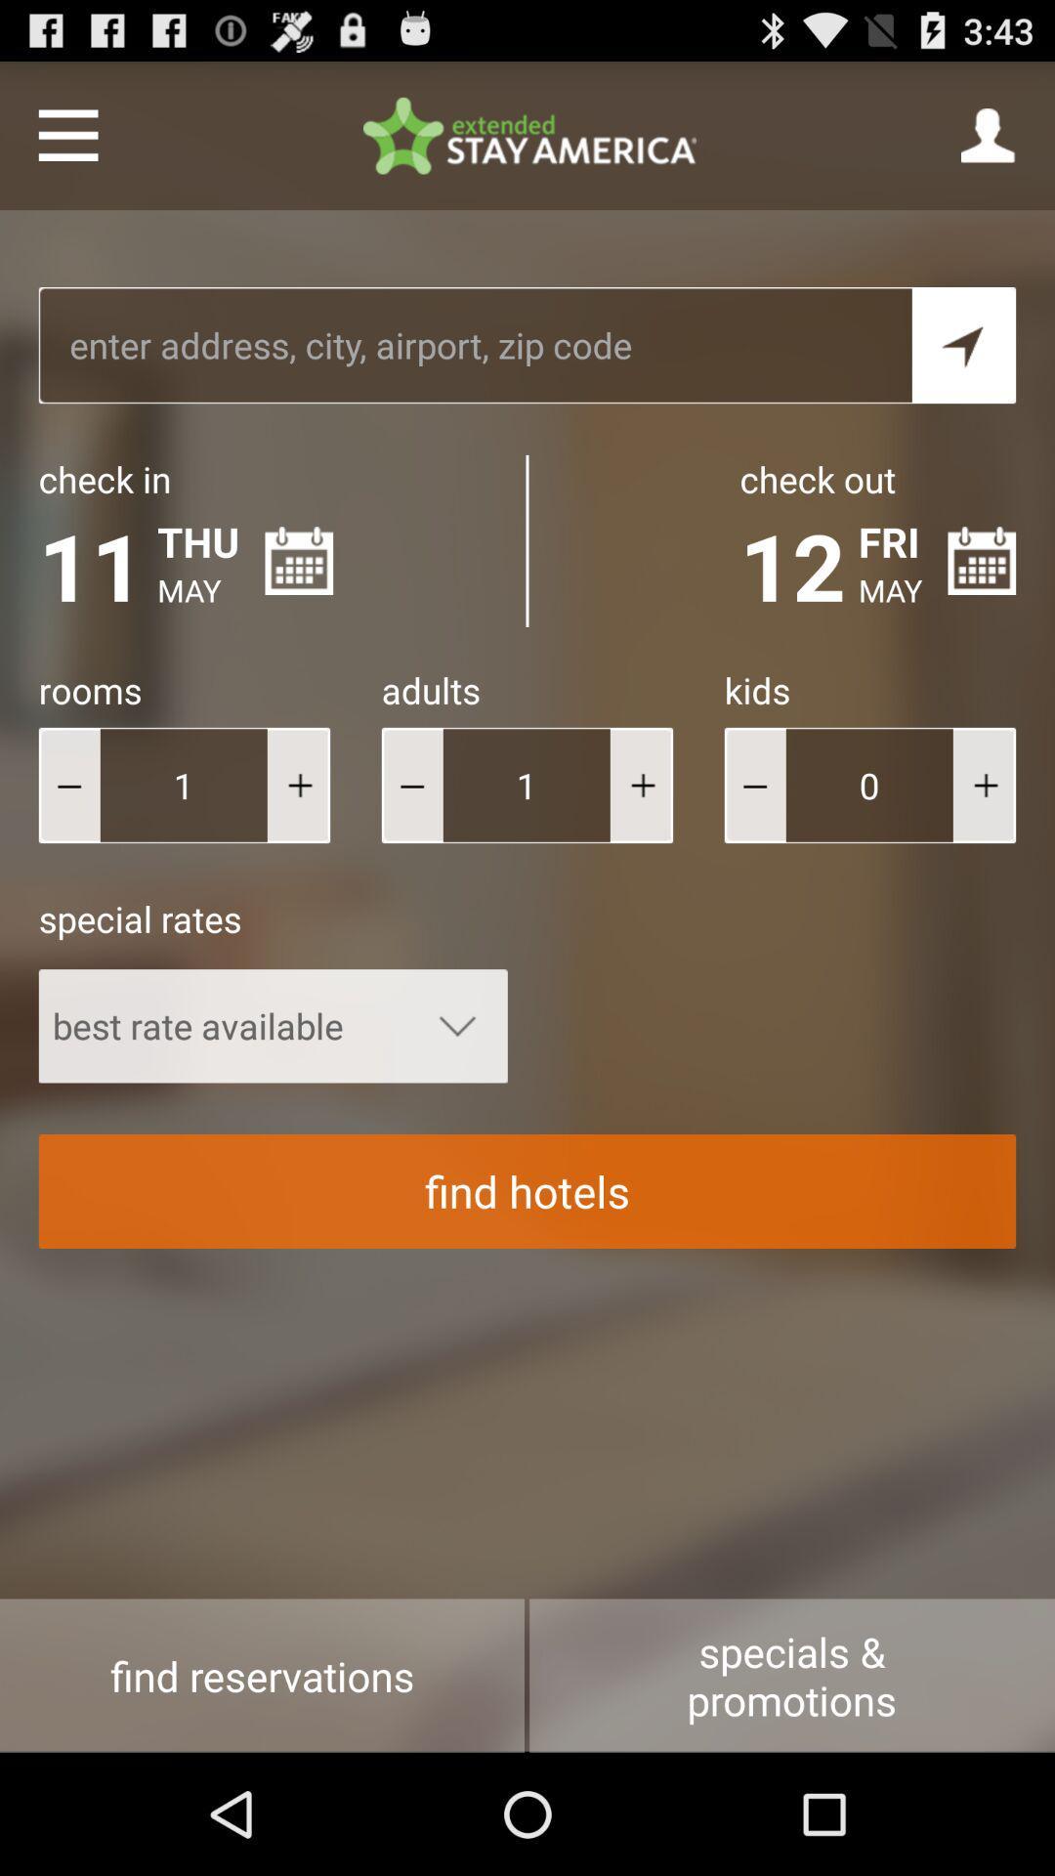 The image size is (1055, 1876). Describe the element at coordinates (984, 785) in the screenshot. I see `increase number of kids` at that location.